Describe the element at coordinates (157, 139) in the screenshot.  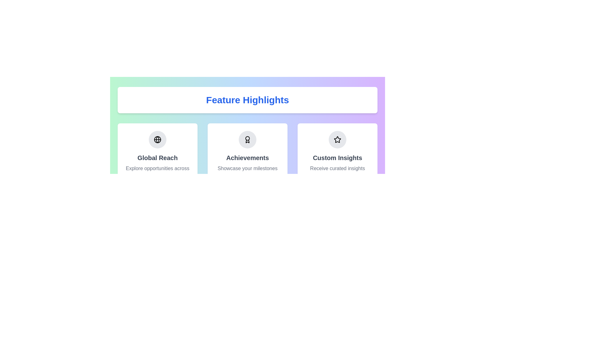
I see `the central circular feature of the globe icon located in the leftmost section of the three icons below the heading 'Feature Highlights'` at that location.